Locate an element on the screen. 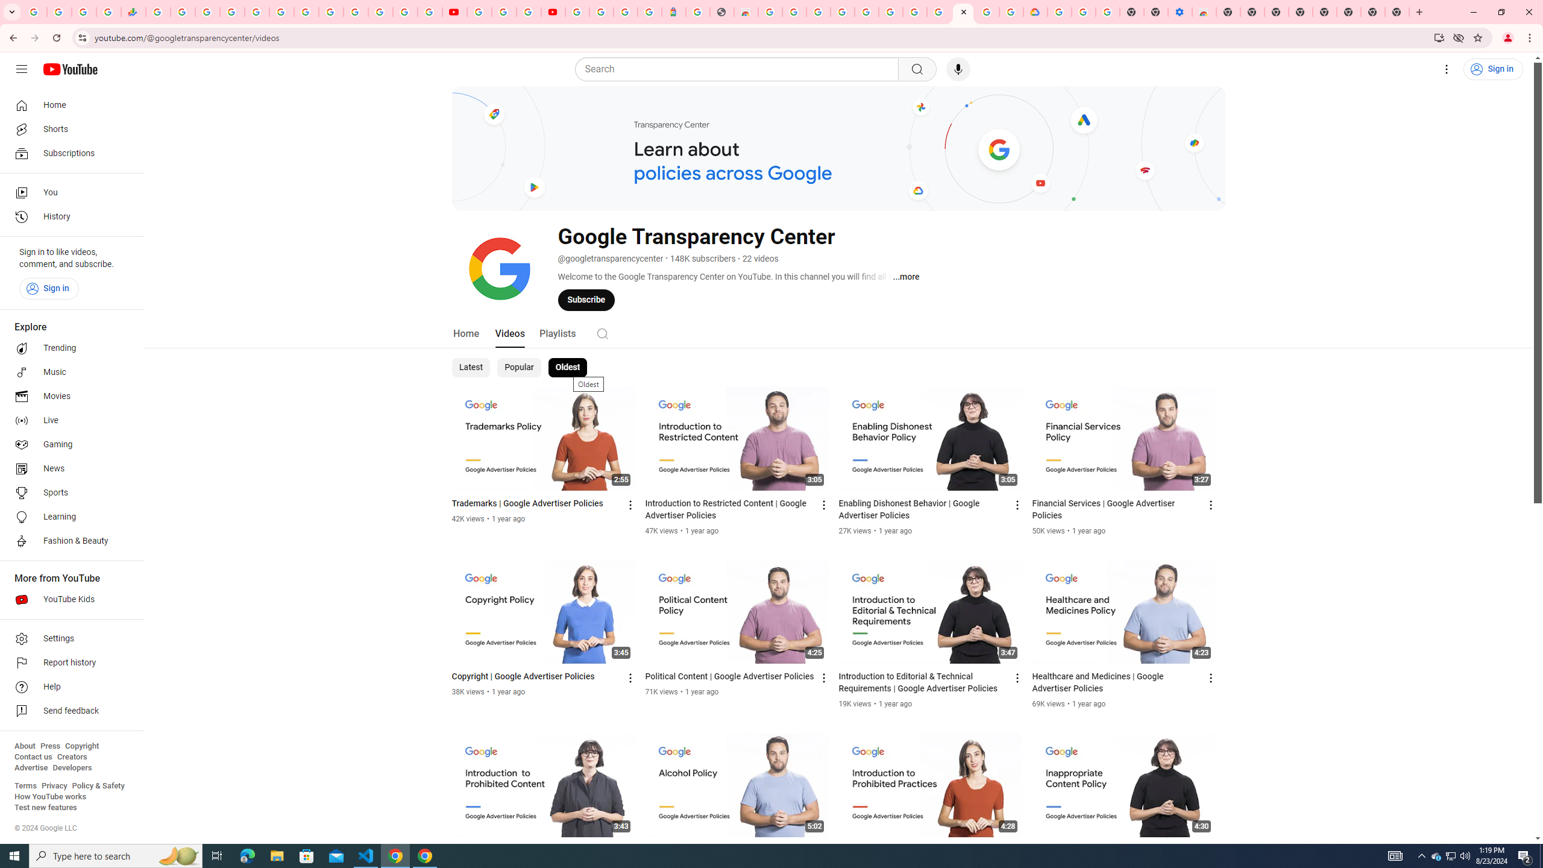 Image resolution: width=1543 pixels, height=868 pixels. 'Create your Google Account' is located at coordinates (528, 11).